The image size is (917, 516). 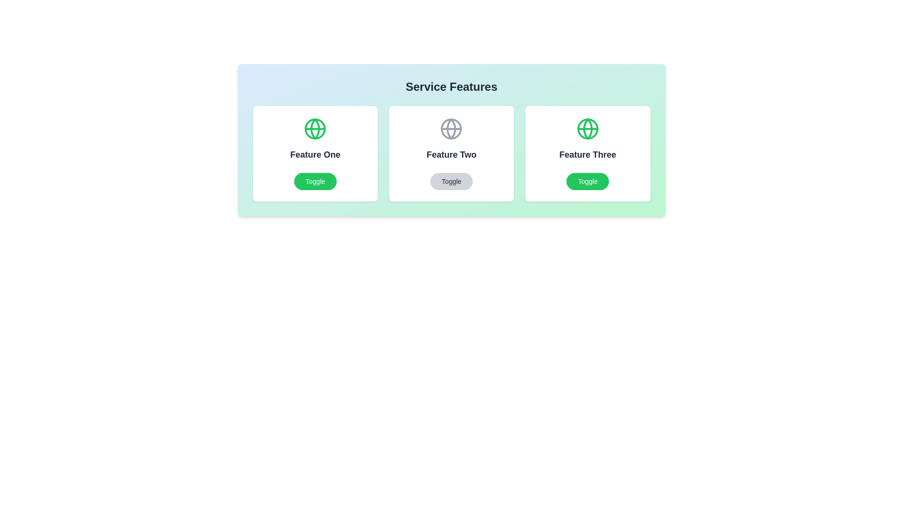 I want to click on the 'Toggle' button for Feature Two, so click(x=451, y=182).